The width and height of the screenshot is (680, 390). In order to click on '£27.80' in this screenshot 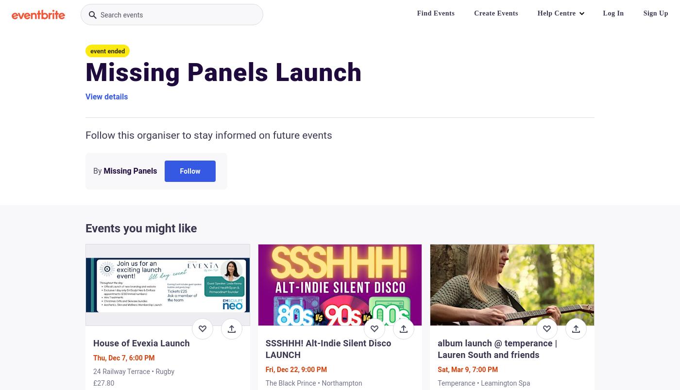, I will do `click(103, 383)`.